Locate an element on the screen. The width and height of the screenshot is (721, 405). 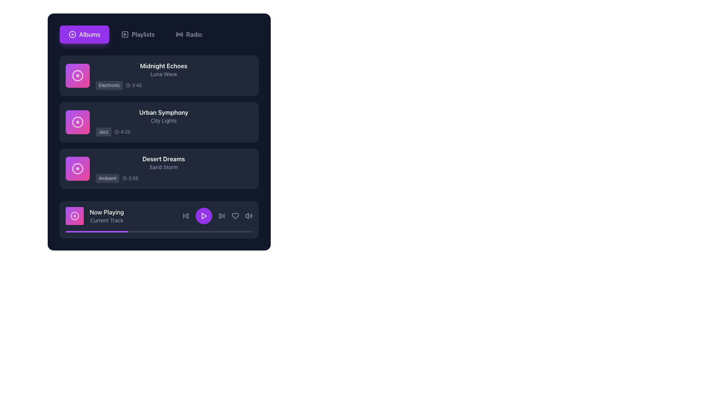
the 'Playlists' text-based navigation link, which is the second item in the top navigation menu is located at coordinates (143, 34).